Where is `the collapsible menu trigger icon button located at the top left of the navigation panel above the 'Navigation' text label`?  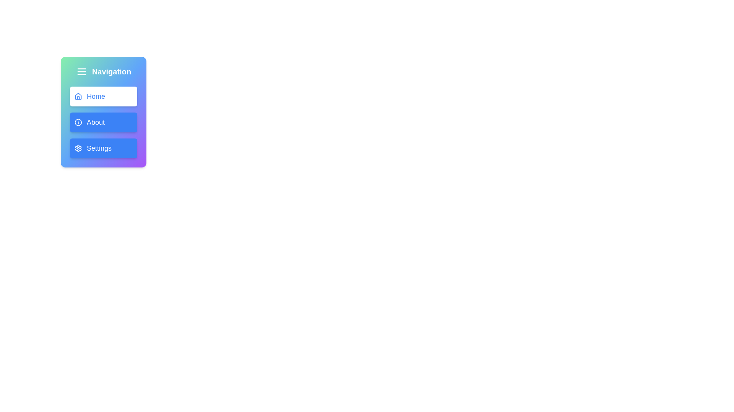
the collapsible menu trigger icon button located at the top left of the navigation panel above the 'Navigation' text label is located at coordinates (81, 72).